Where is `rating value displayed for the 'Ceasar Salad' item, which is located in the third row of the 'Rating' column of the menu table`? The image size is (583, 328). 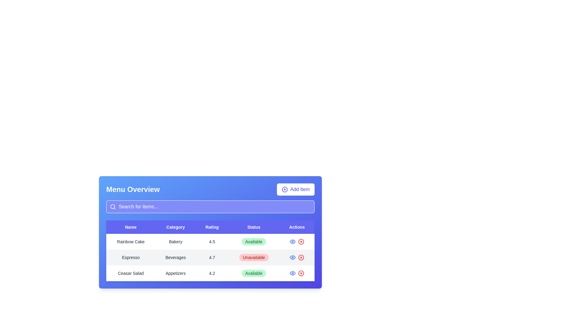 rating value displayed for the 'Ceasar Salad' item, which is located in the third row of the 'Rating' column of the menu table is located at coordinates (212, 273).